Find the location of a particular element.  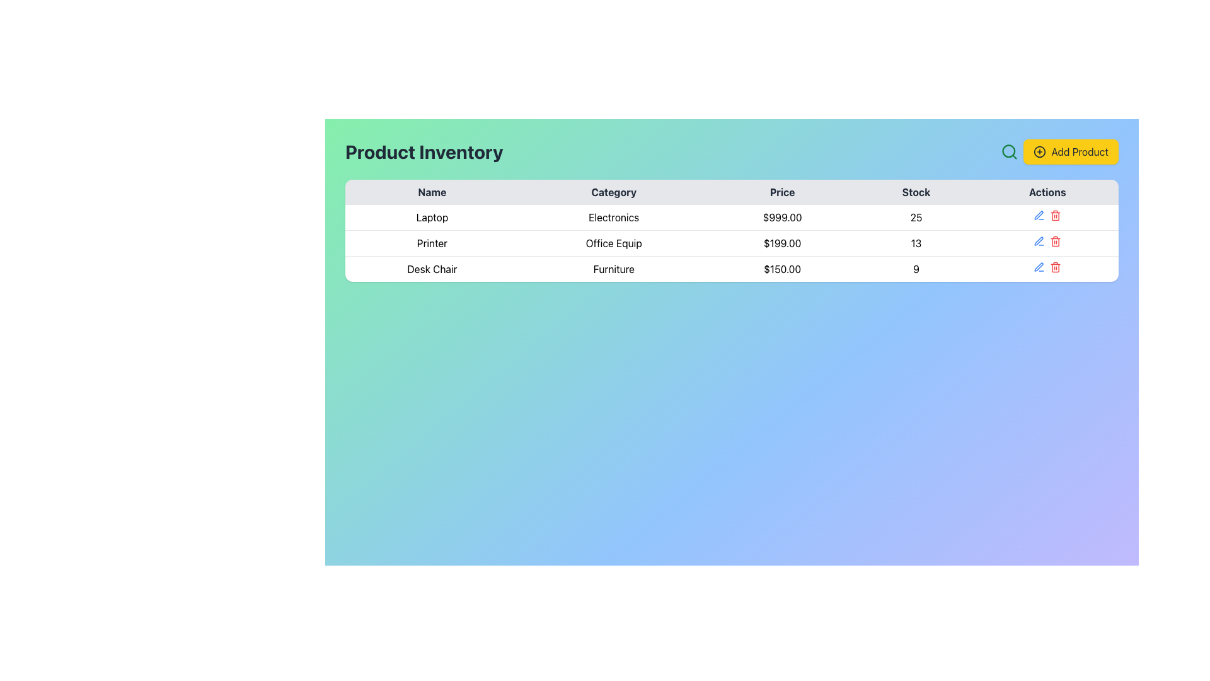

the third row of the product inventory table displaying details about the 'Desk Chair', including its name, category, price, stock, and interactive icons for actions is located at coordinates (732, 268).